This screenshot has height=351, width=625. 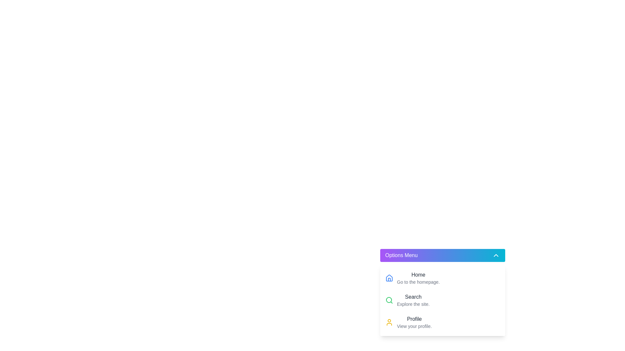 What do you see at coordinates (389, 278) in the screenshot?
I see `the 'Home' icon located on the left side of the 'Home' menu item in the dropdown menu panel to initiate navigation` at bounding box center [389, 278].